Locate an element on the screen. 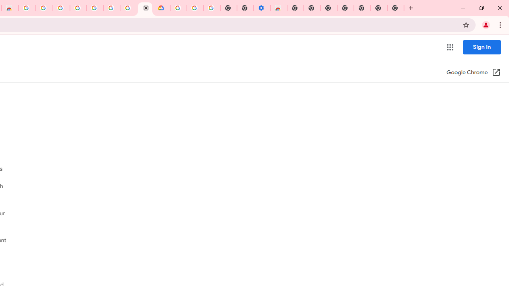  'Settings - Accessibility' is located at coordinates (262, 8).